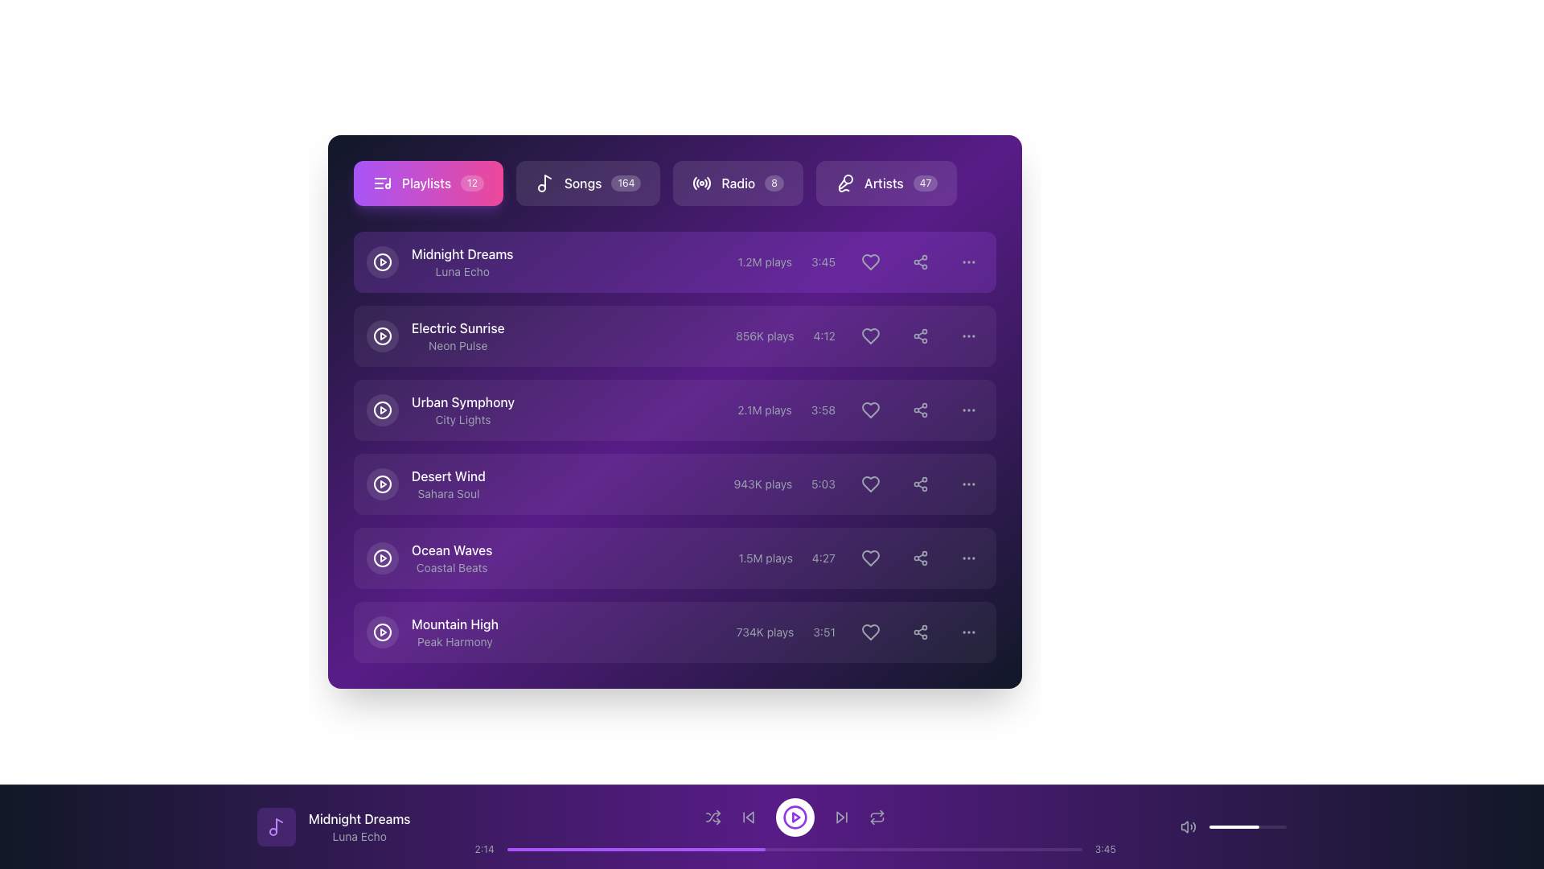 This screenshot has height=869, width=1544. What do you see at coordinates (333, 827) in the screenshot?
I see `the Text with Icon that displays the current track's title and artist information located in the bottom-left corner of the footer bar` at bounding box center [333, 827].